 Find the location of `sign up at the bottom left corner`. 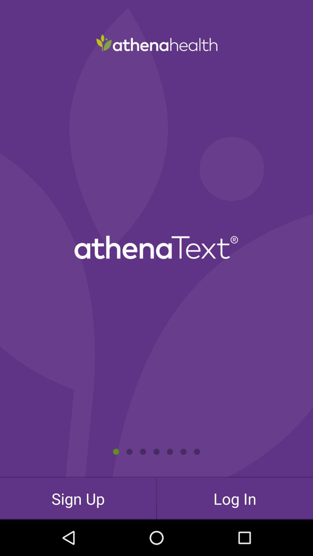

sign up at the bottom left corner is located at coordinates (78, 498).